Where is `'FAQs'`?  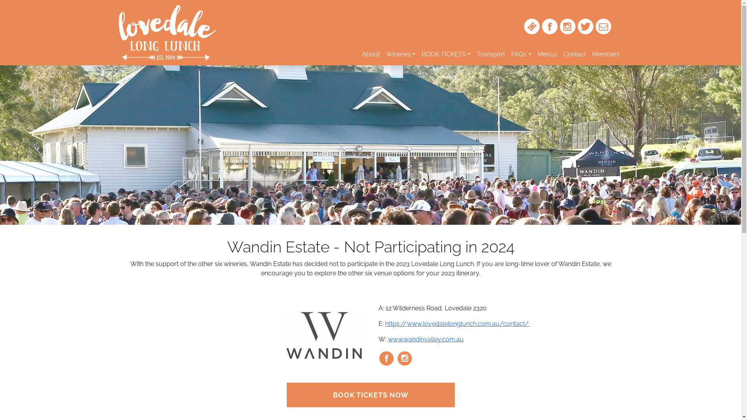 'FAQs' is located at coordinates (521, 54).